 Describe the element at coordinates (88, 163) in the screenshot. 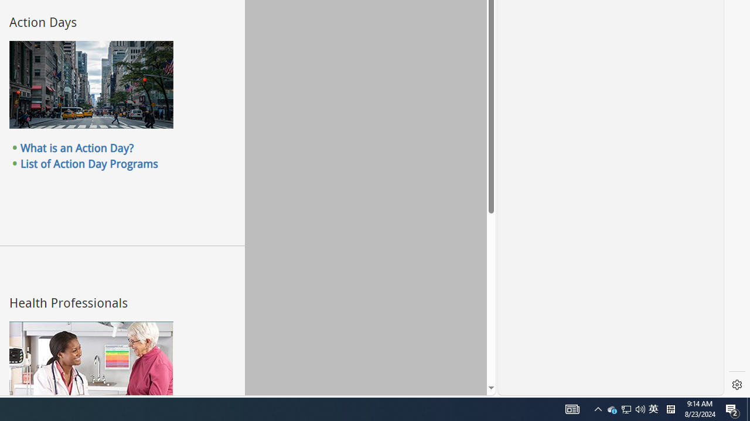

I see `'List of Action Day Programs'` at that location.